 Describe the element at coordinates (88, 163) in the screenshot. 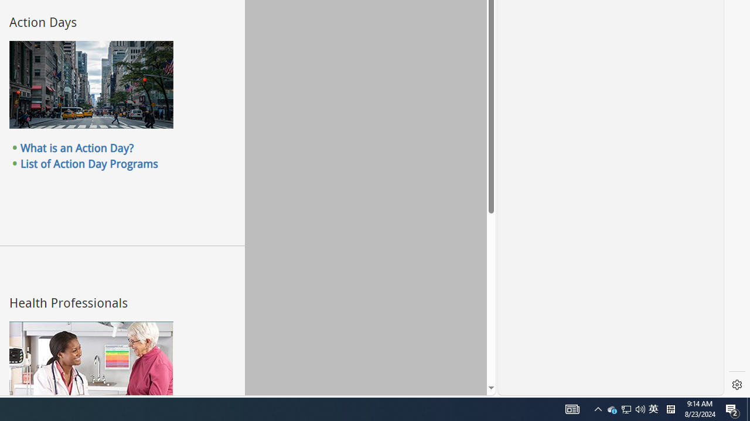

I see `'List of Action Day Programs'` at that location.